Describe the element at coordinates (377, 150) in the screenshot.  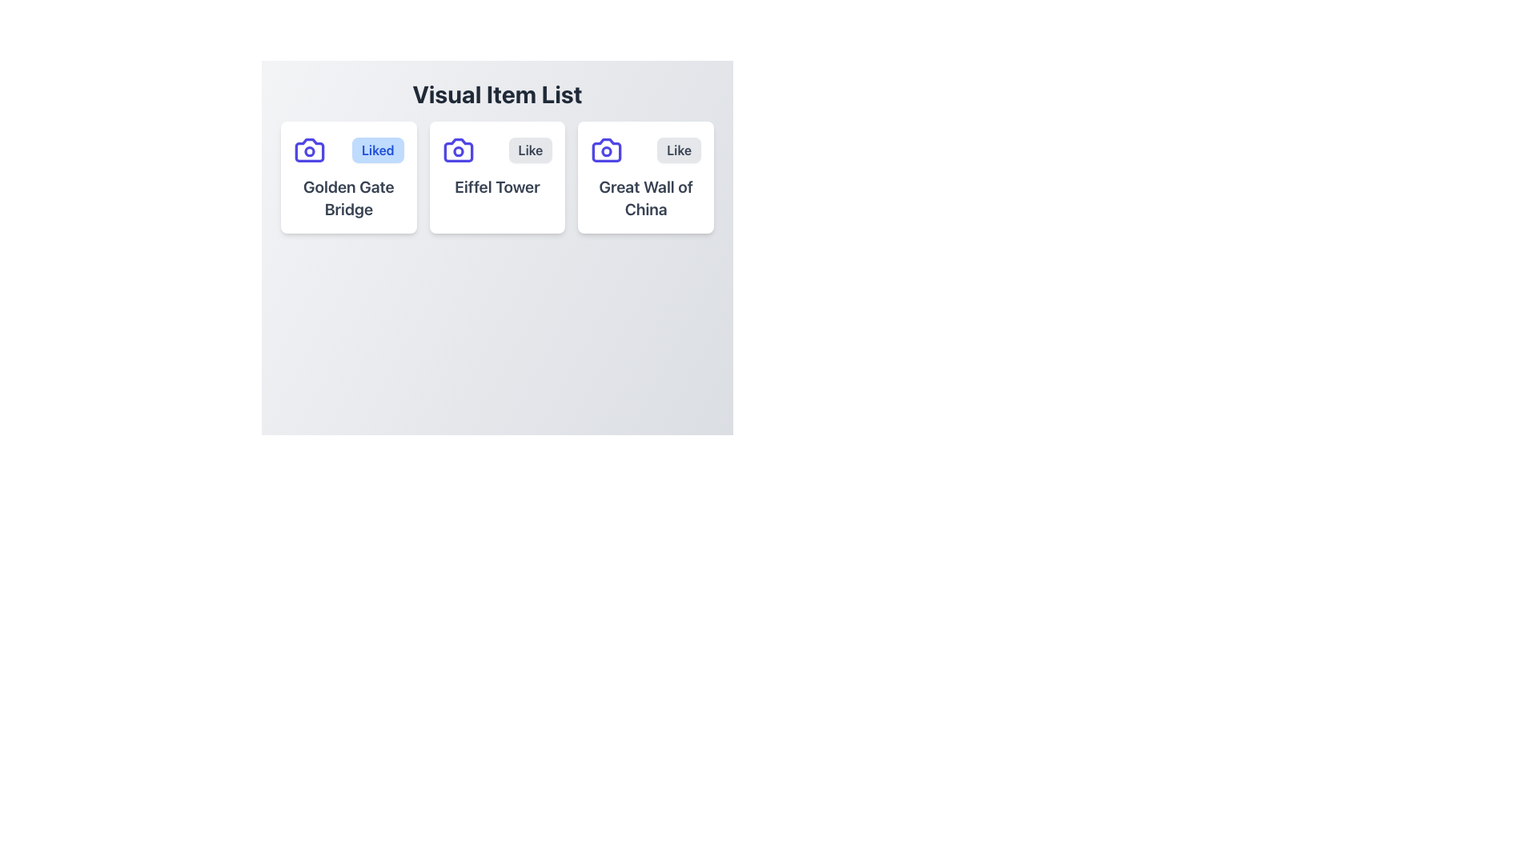
I see `the 'Liked' button, which is a rectangular button with rounded edges, blue text on a light blue background, located in the top-left card of a list layout above the text 'Golden Gate Bridge'` at that location.